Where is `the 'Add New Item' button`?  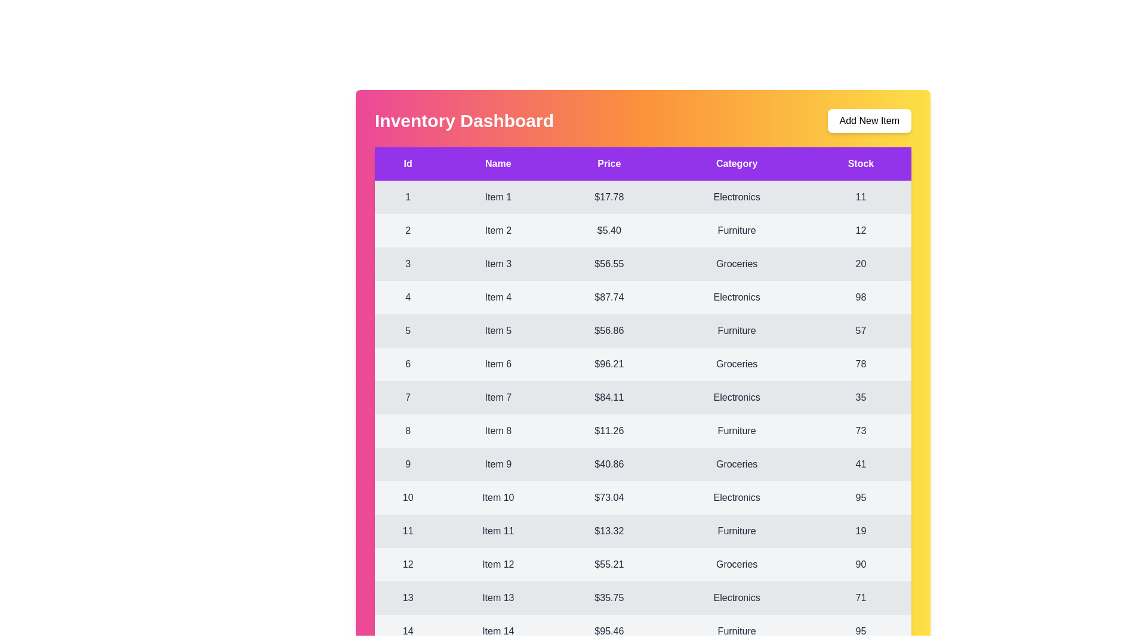
the 'Add New Item' button is located at coordinates (869, 121).